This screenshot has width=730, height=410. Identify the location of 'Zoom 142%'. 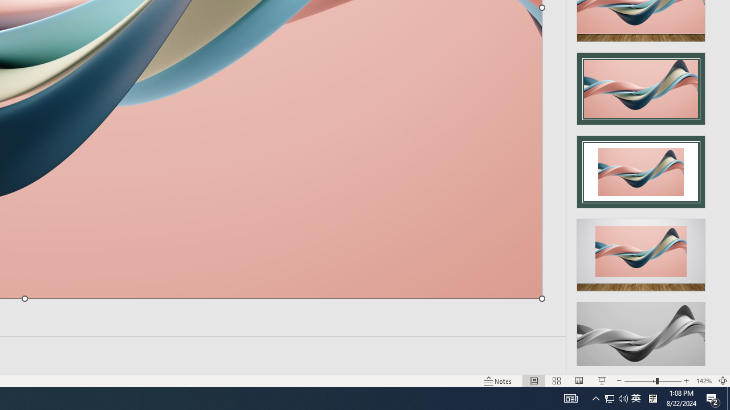
(703, 381).